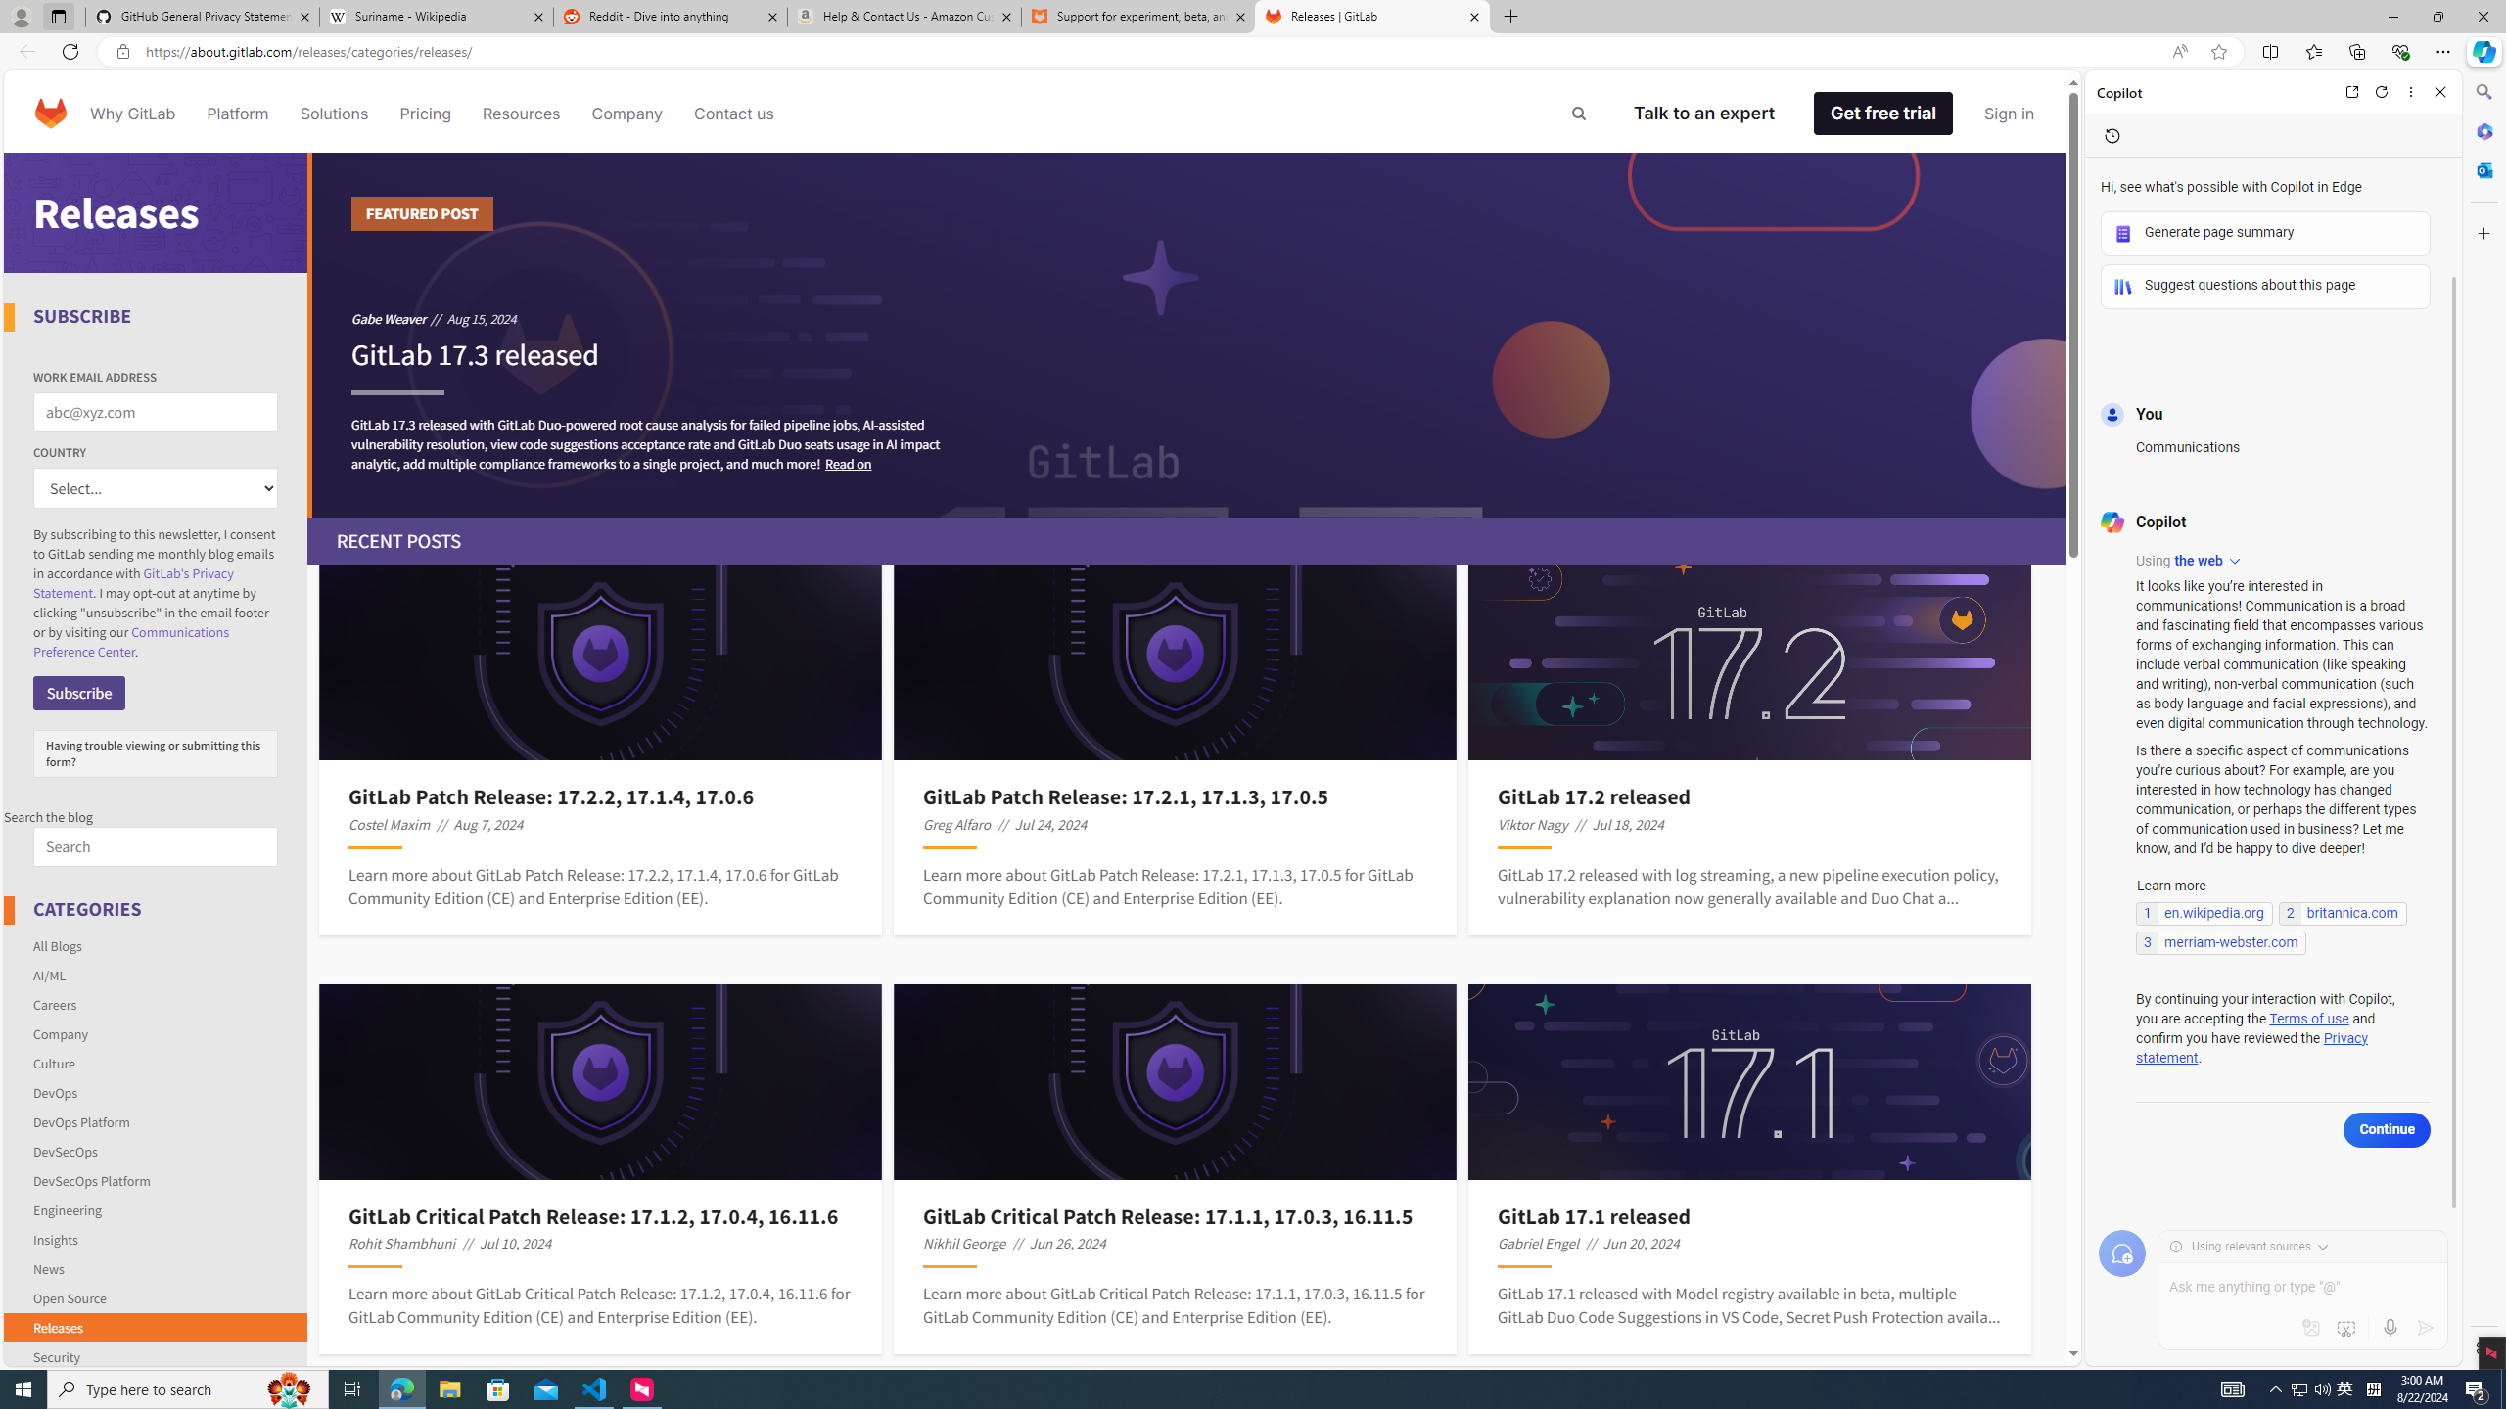 The width and height of the screenshot is (2506, 1409). I want to click on 'Releases', so click(156, 1326).